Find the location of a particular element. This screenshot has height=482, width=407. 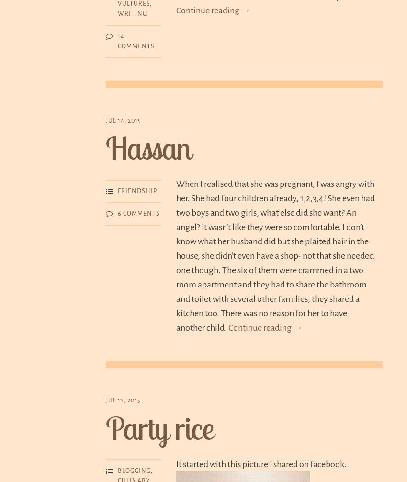

'Jul 12, 2015' is located at coordinates (123, 400).